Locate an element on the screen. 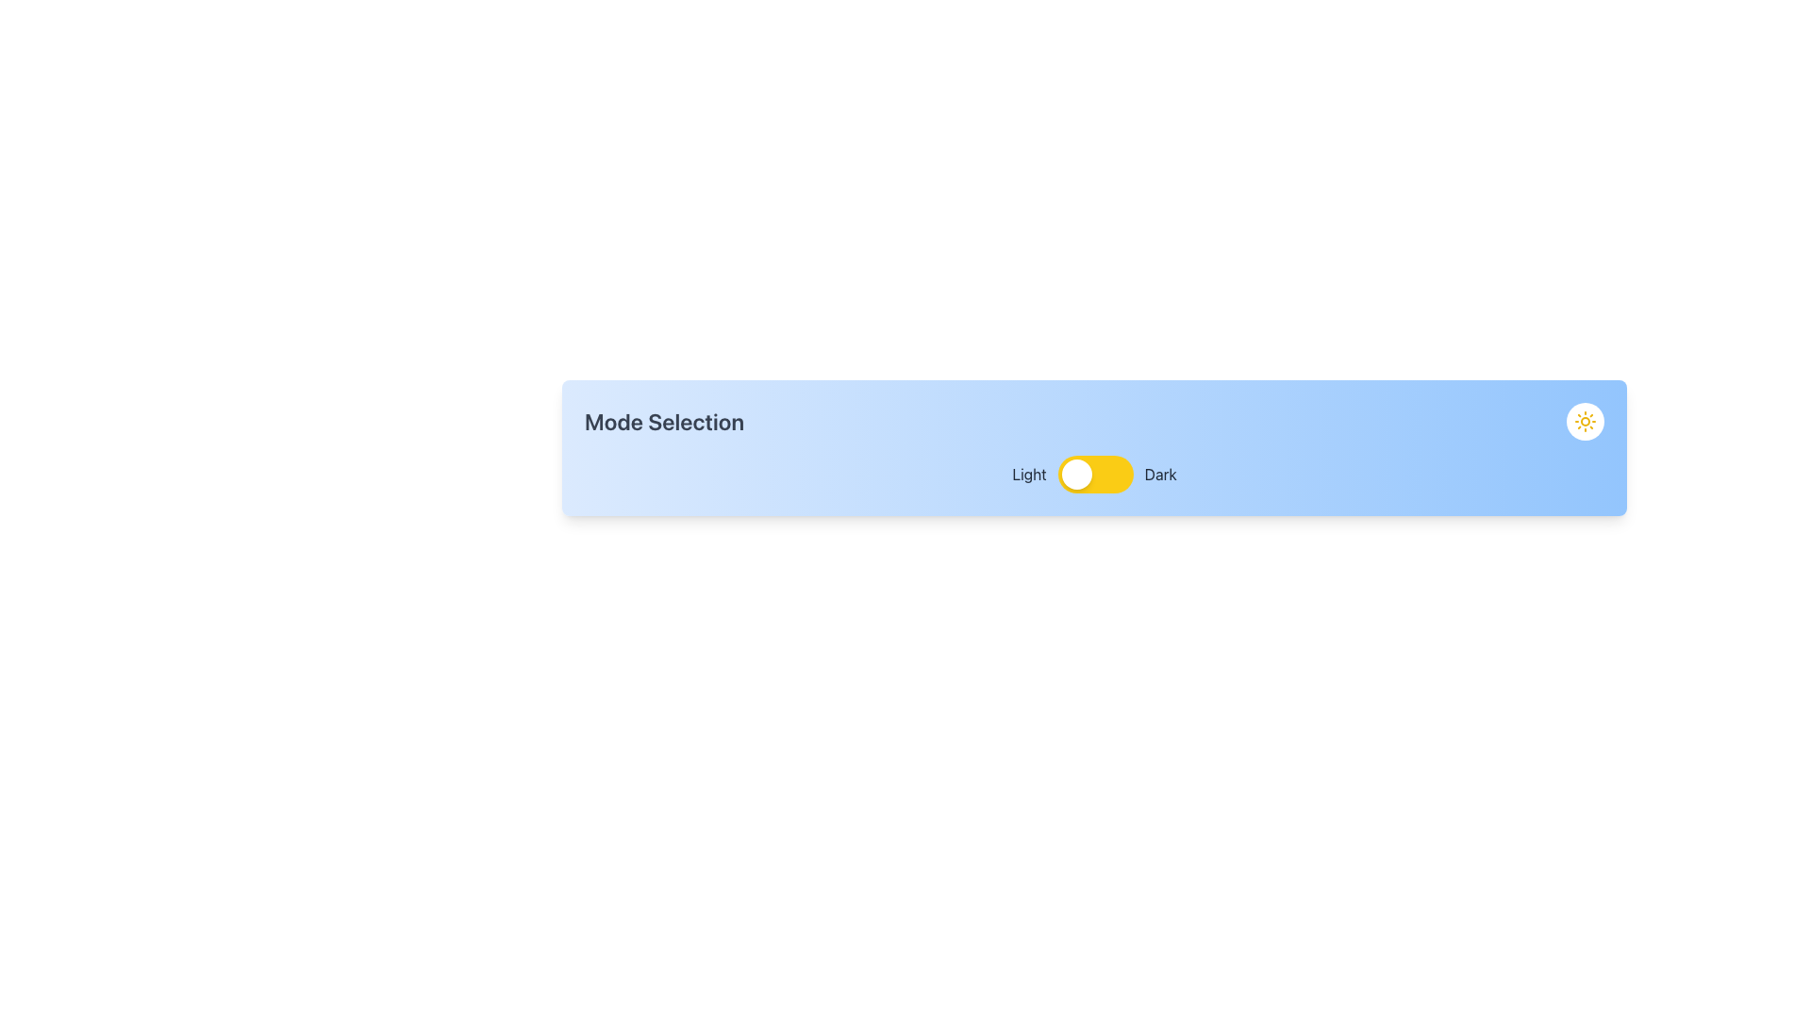  the 'Mode Selection' text label, which is bold and gray, located on a light blue background towards the top-left corner of the navigation panel is located at coordinates (664, 421).